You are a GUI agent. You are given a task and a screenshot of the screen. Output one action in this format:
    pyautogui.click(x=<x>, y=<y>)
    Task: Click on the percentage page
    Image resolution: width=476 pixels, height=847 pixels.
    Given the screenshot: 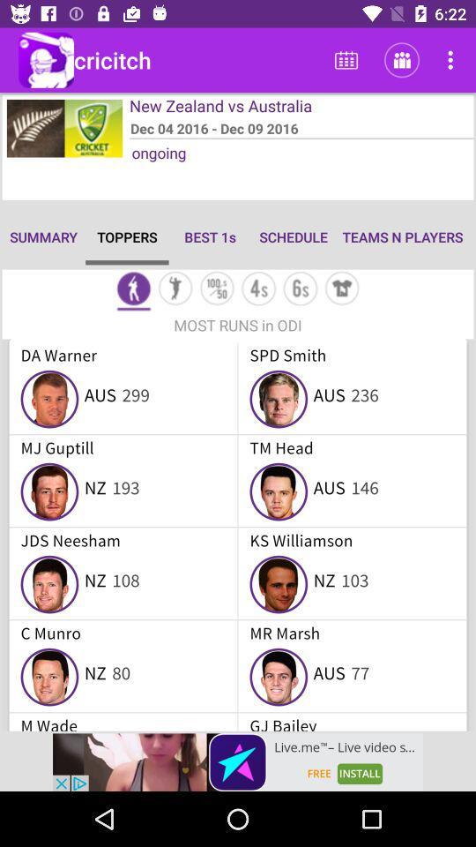 What is the action you would take?
    pyautogui.click(x=217, y=290)
    